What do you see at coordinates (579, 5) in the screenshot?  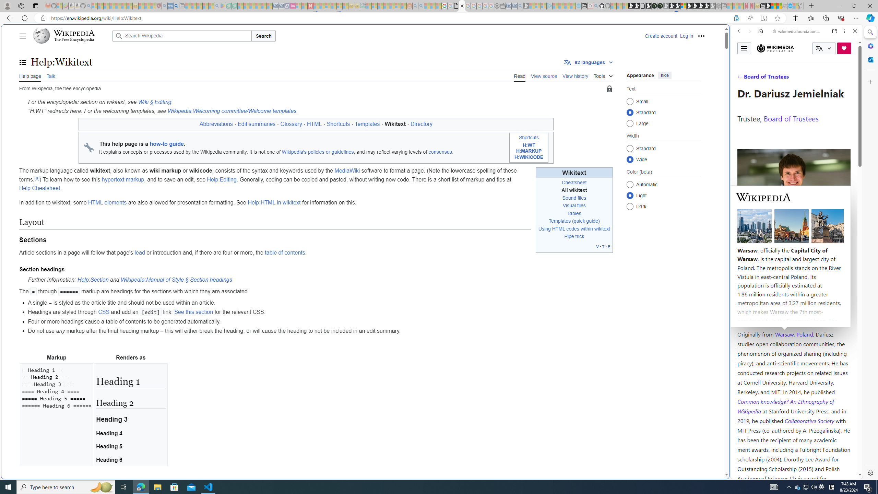 I see `'Home | Sky Blue Bikes - Sky Blue Bikes - Sleeping'` at bounding box center [579, 5].